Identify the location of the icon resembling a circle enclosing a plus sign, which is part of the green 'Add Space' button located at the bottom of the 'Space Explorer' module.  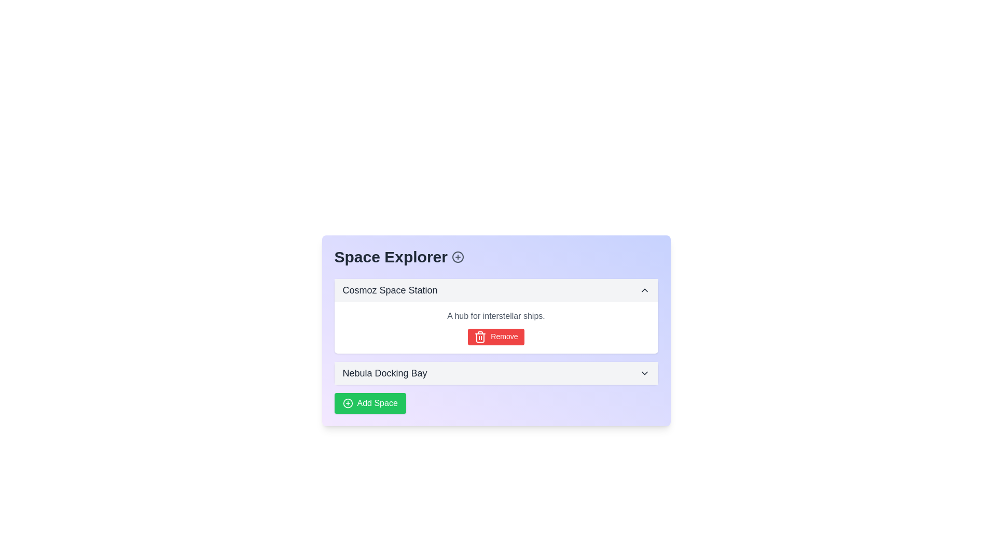
(348, 403).